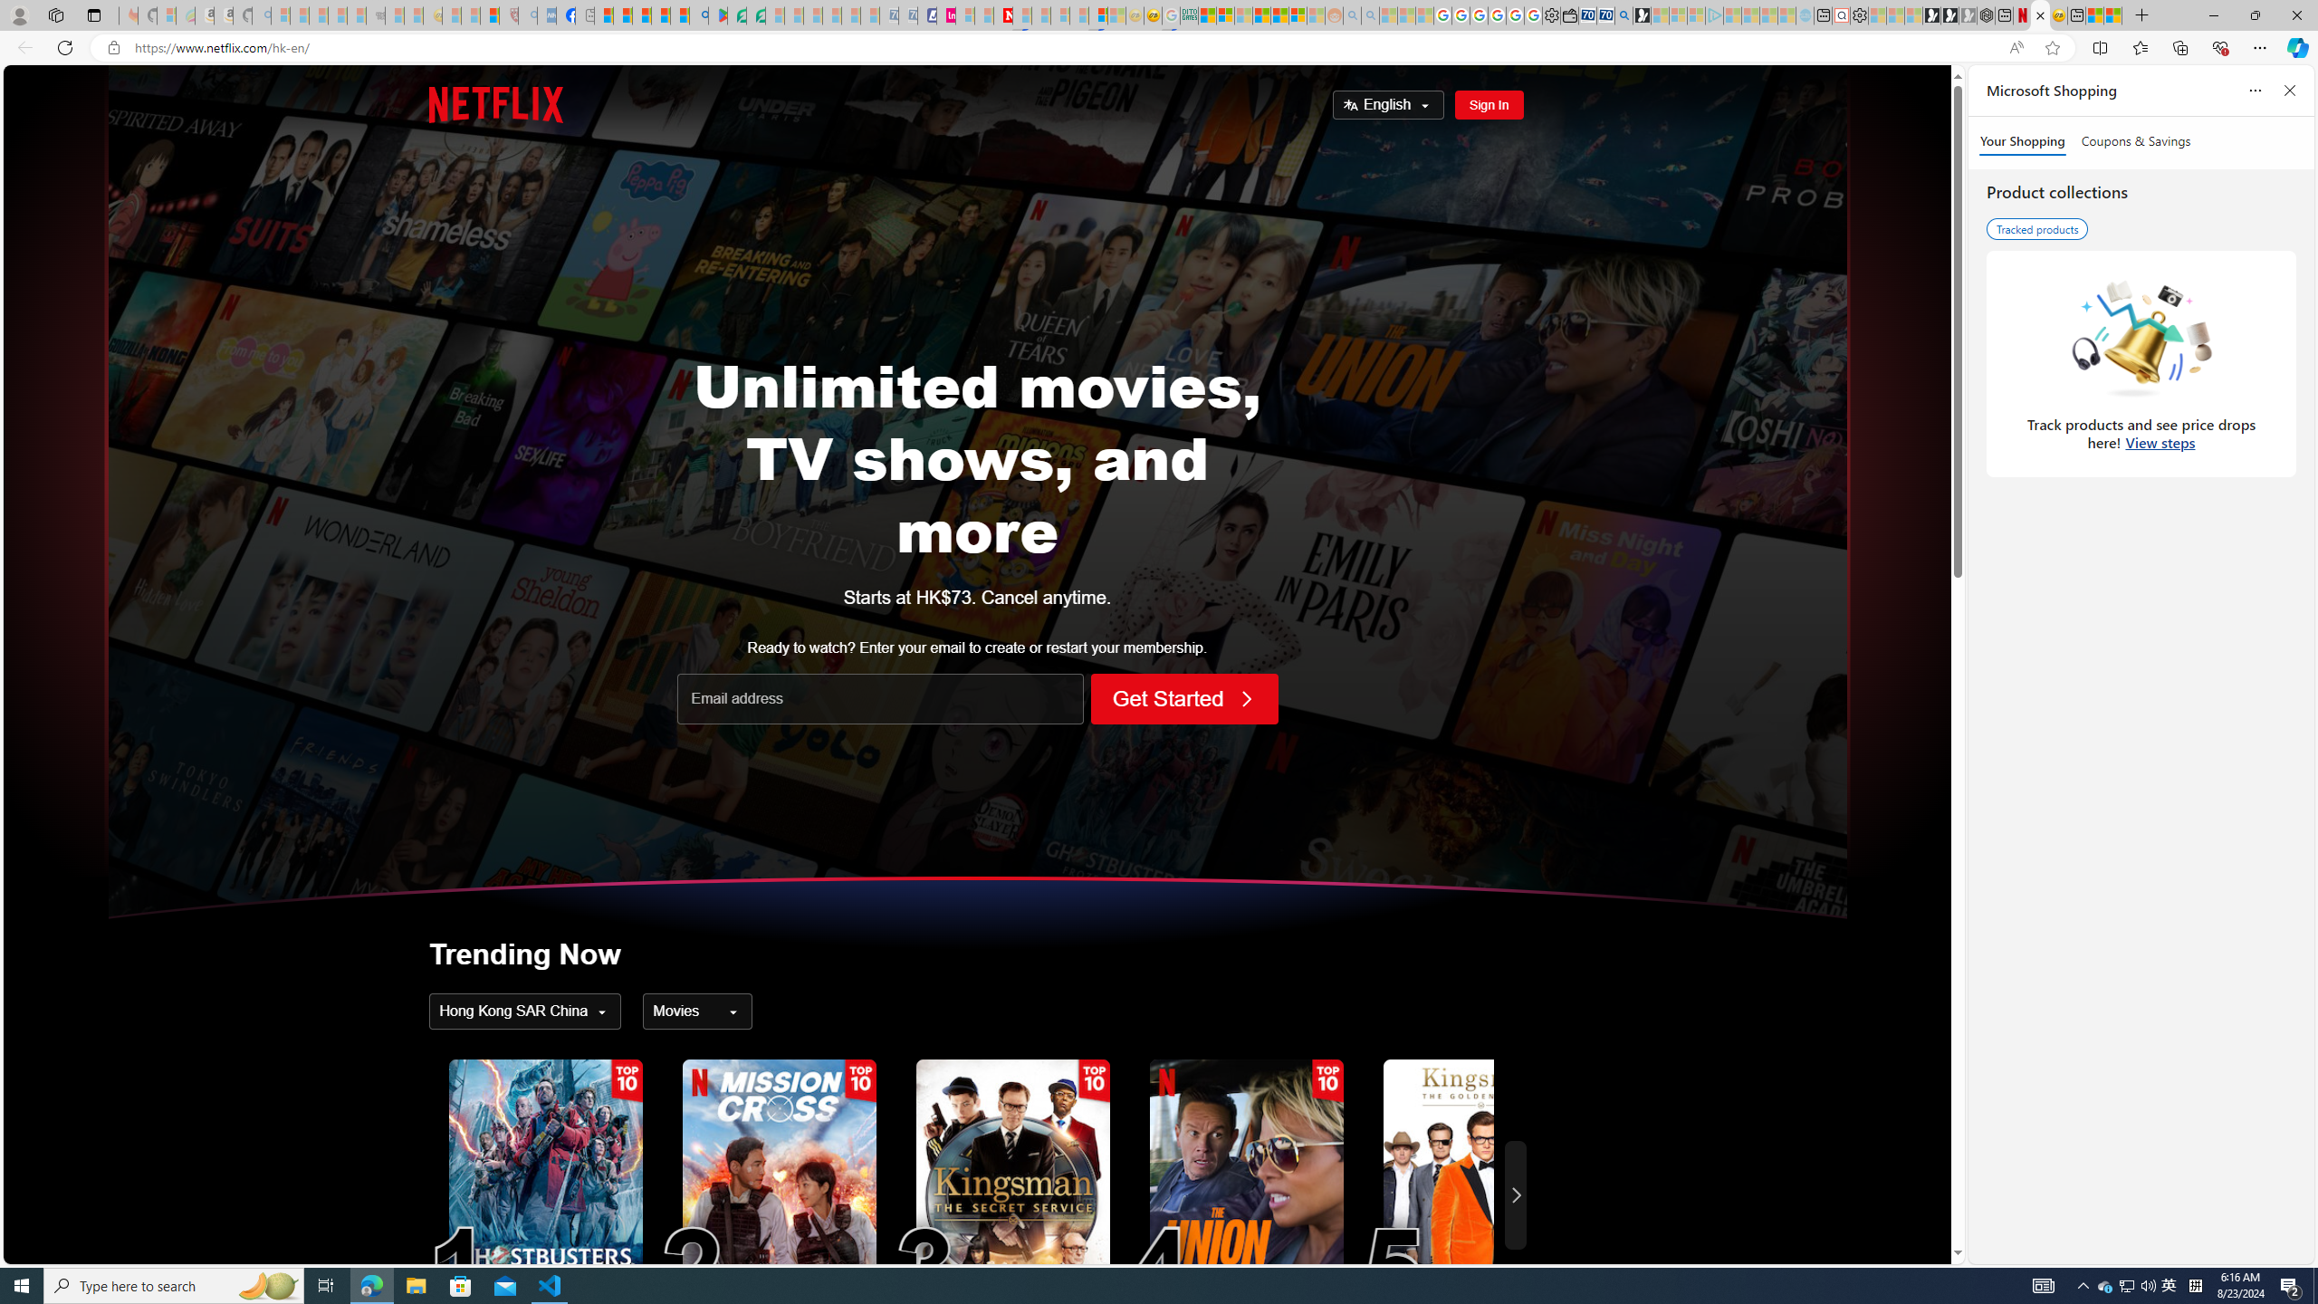 The width and height of the screenshot is (2318, 1304). Describe the element at coordinates (1245, 1194) in the screenshot. I see `'The Union4'` at that location.